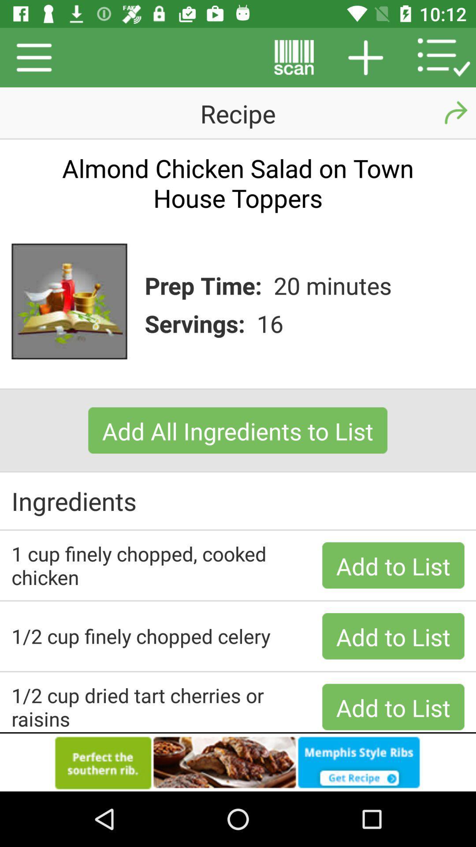 Image resolution: width=476 pixels, height=847 pixels. What do you see at coordinates (237, 430) in the screenshot?
I see `the green colored box placed below serving 16` at bounding box center [237, 430].